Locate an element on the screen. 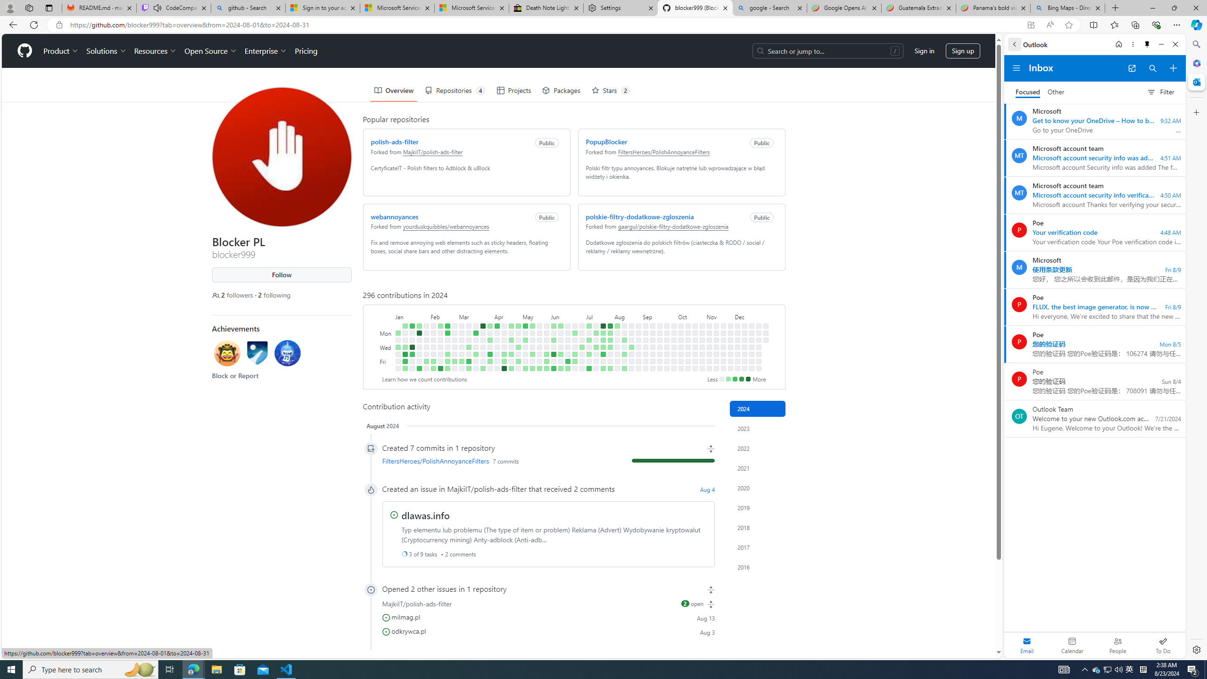 This screenshot has height=679, width=1207. 'No contributions on August 28th.' is located at coordinates (638, 347).